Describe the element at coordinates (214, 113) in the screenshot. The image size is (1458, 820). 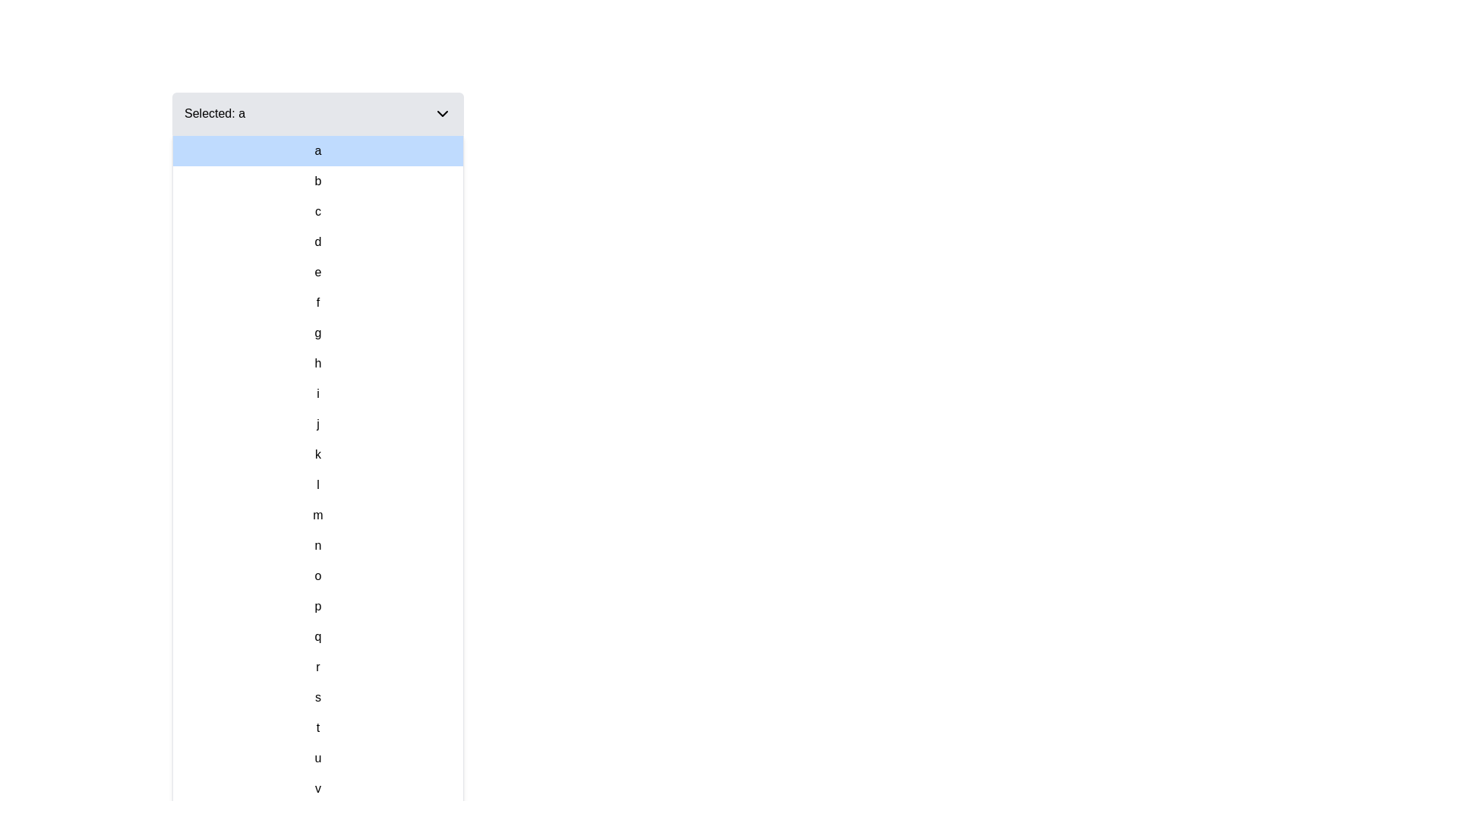
I see `the static text label indicating the current selection within the dropdown menu, which is located in the top-left region of the dropdown interface` at that location.